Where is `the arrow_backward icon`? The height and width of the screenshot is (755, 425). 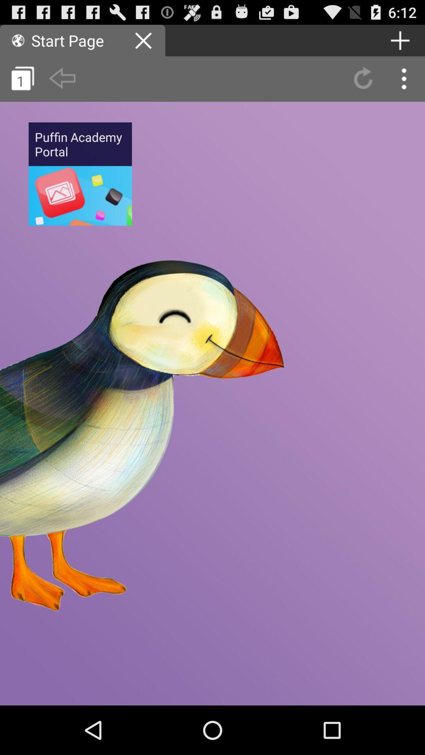
the arrow_backward icon is located at coordinates (61, 85).